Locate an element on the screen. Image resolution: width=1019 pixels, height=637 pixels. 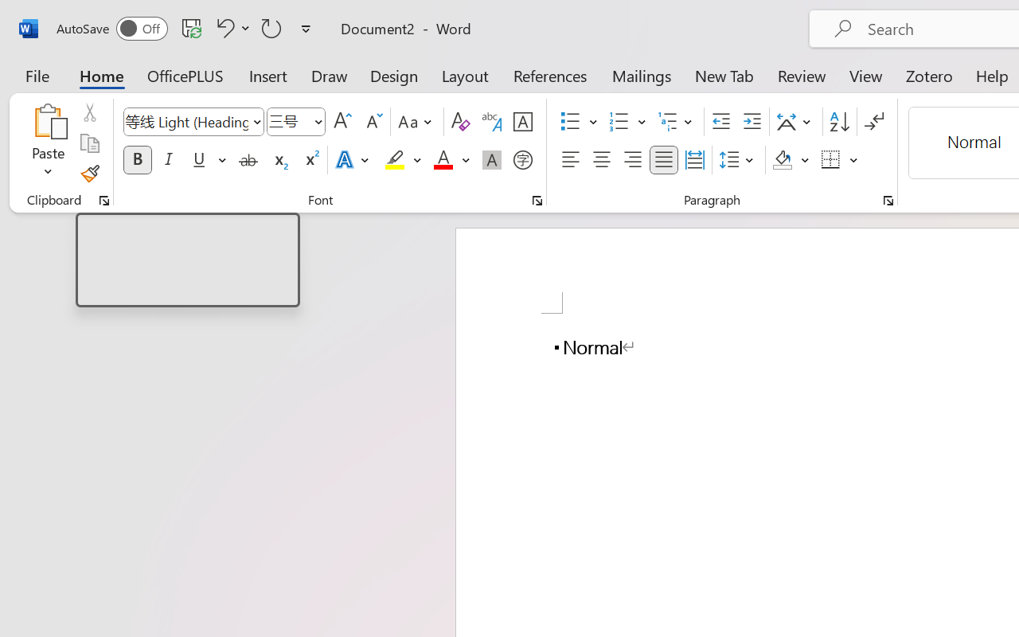
'Sort...' is located at coordinates (838, 122).